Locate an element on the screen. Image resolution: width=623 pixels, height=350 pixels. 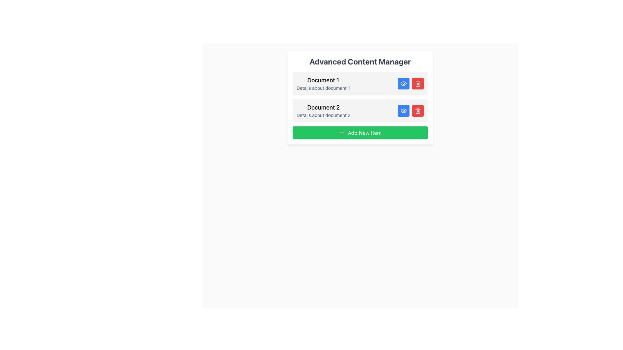
the icon button located beside the red 'delete' button in the bottom row of the document manager list to change its background color is located at coordinates (403, 111).